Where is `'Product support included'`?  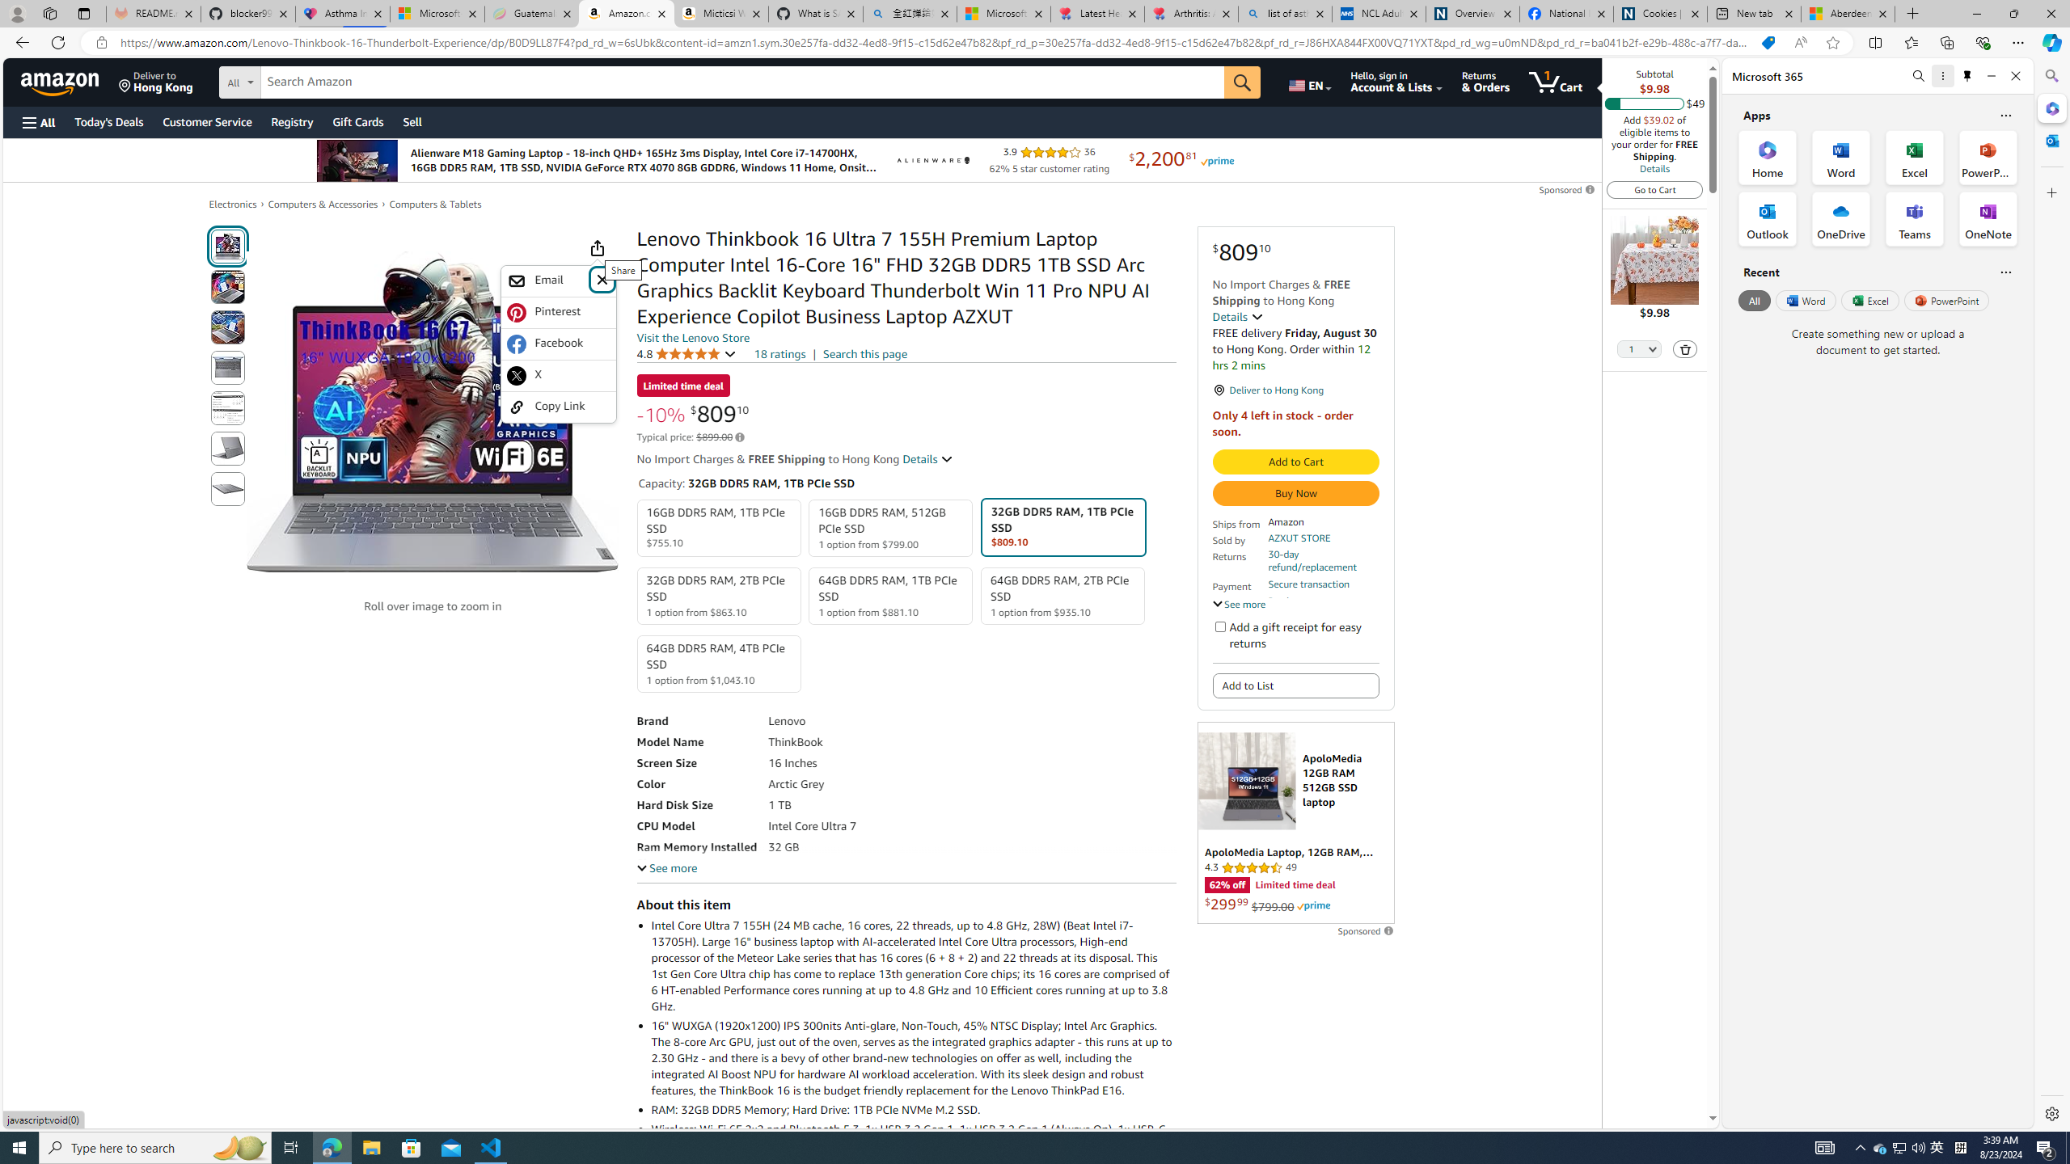
'Product support included' is located at coordinates (1321, 606).